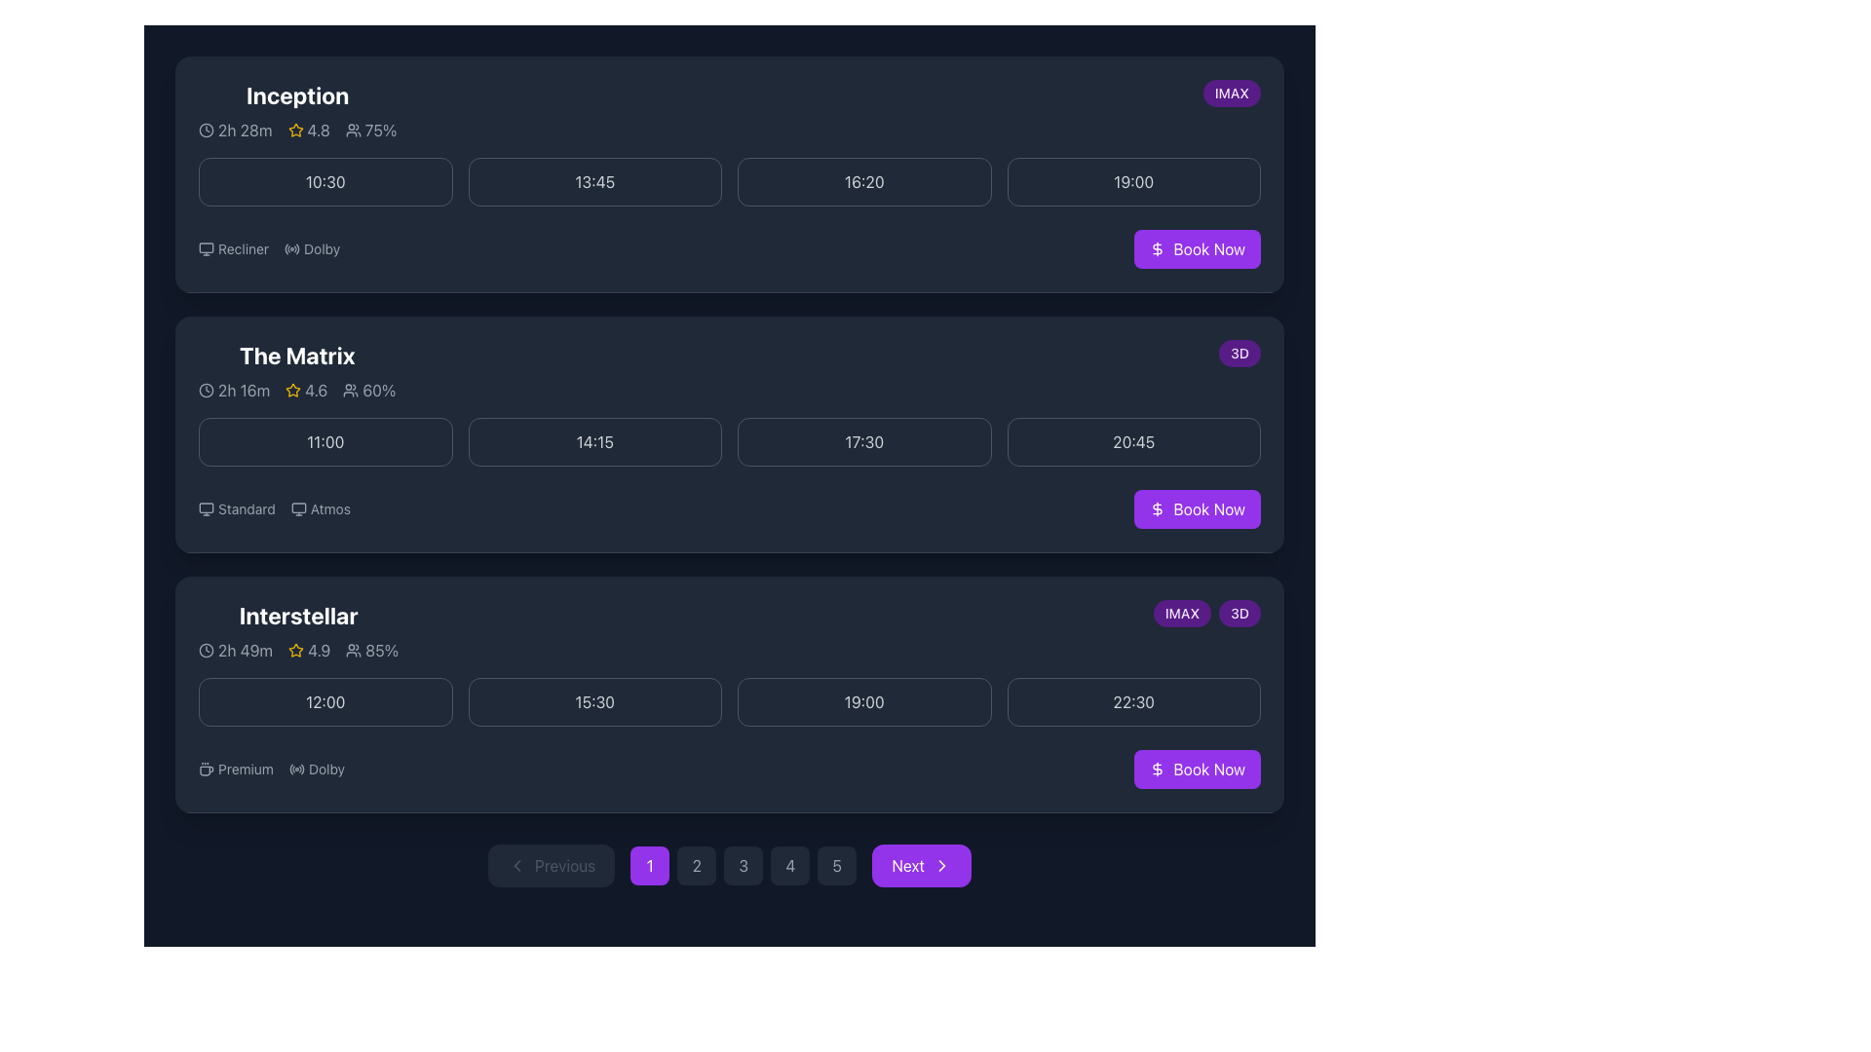 The height and width of the screenshot is (1052, 1871). I want to click on the square-shaped button with a dark gray background and the number '3', so click(743, 864).